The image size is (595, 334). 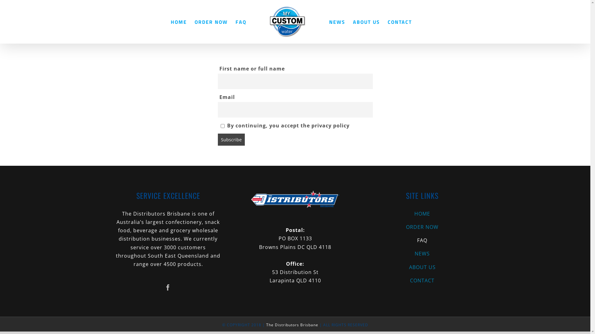 I want to click on 'FAQ', so click(x=422, y=240).